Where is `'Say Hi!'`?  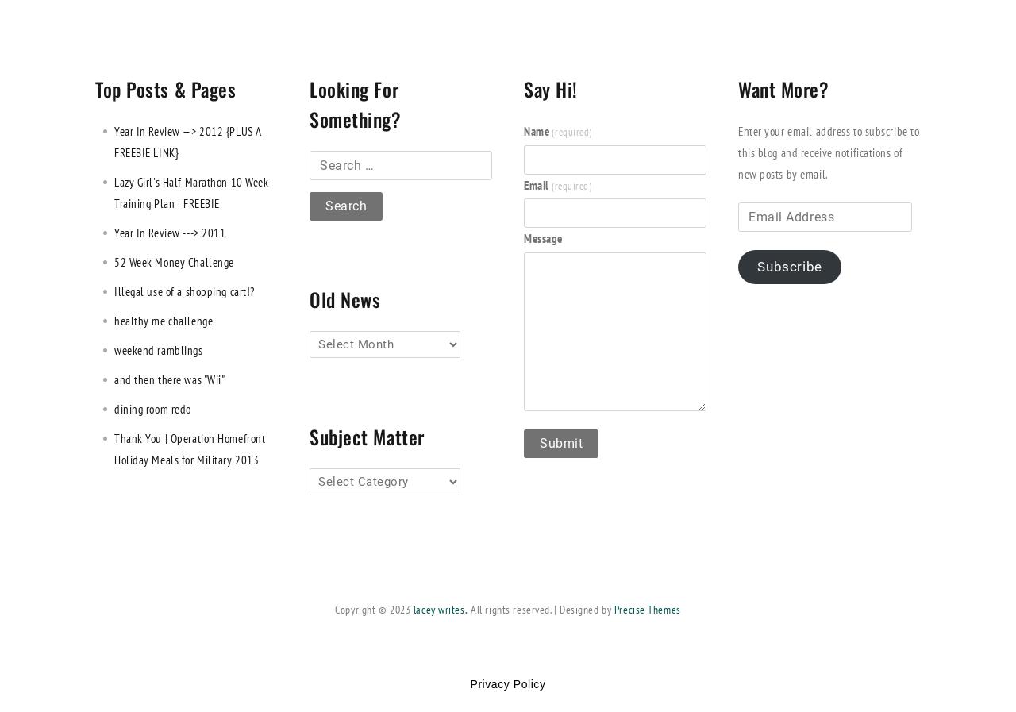 'Say Hi!' is located at coordinates (550, 88).